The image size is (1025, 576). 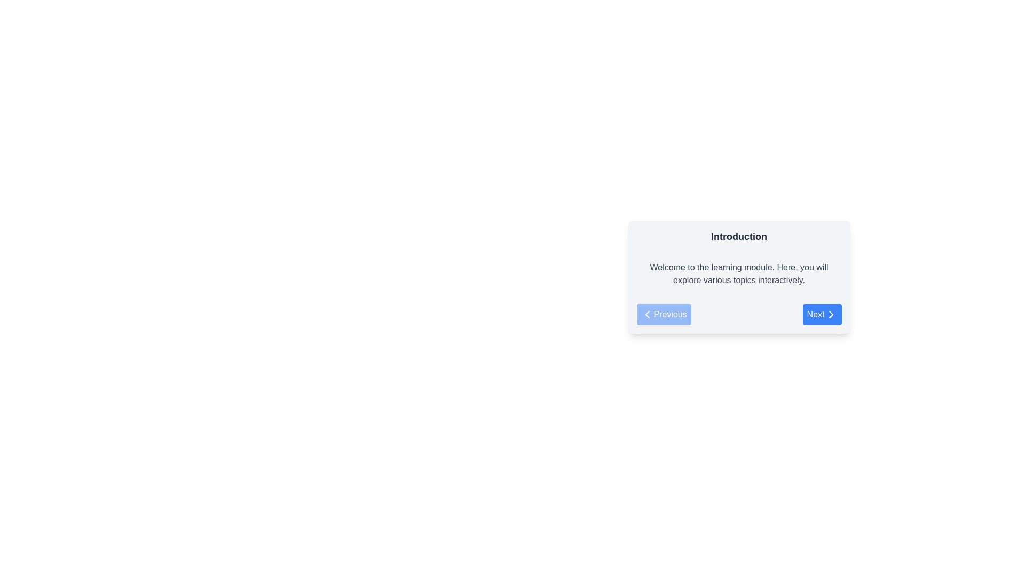 What do you see at coordinates (646, 314) in the screenshot?
I see `the 'Previous' button icon located to the left of the text 'Previous', which visually indicates backward navigation` at bounding box center [646, 314].